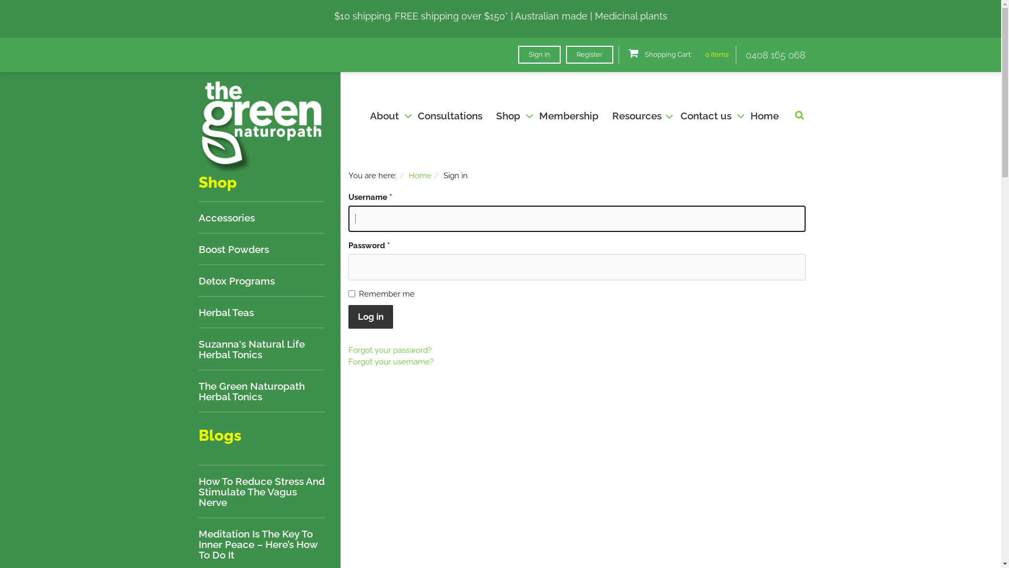  What do you see at coordinates (233, 249) in the screenshot?
I see `'Boost Powders'` at bounding box center [233, 249].